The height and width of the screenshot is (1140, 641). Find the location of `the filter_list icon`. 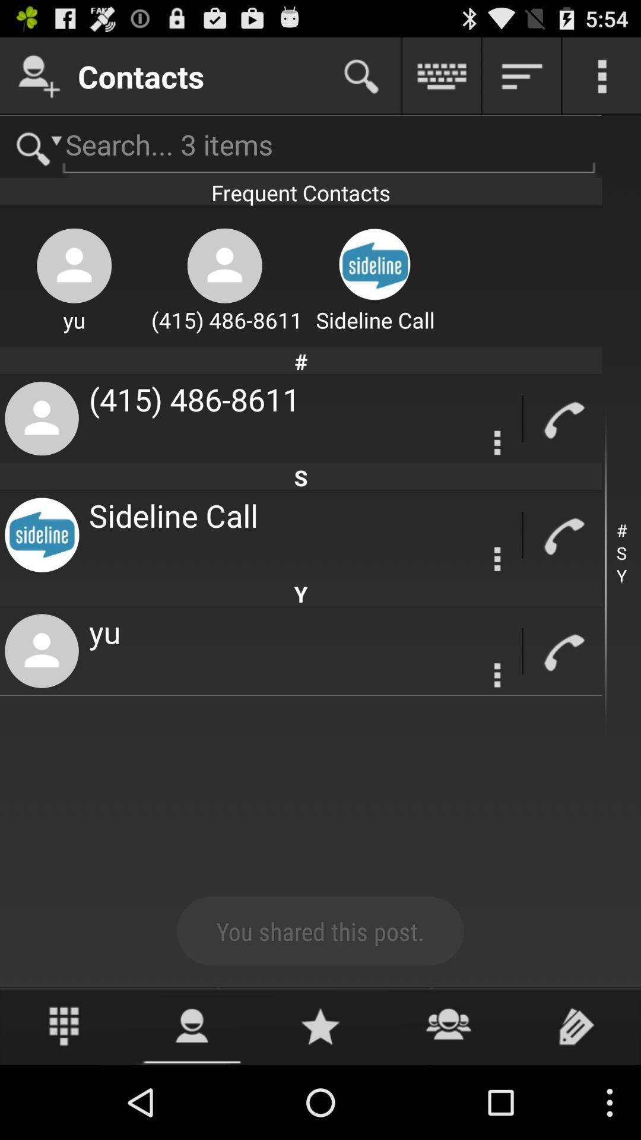

the filter_list icon is located at coordinates (521, 81).